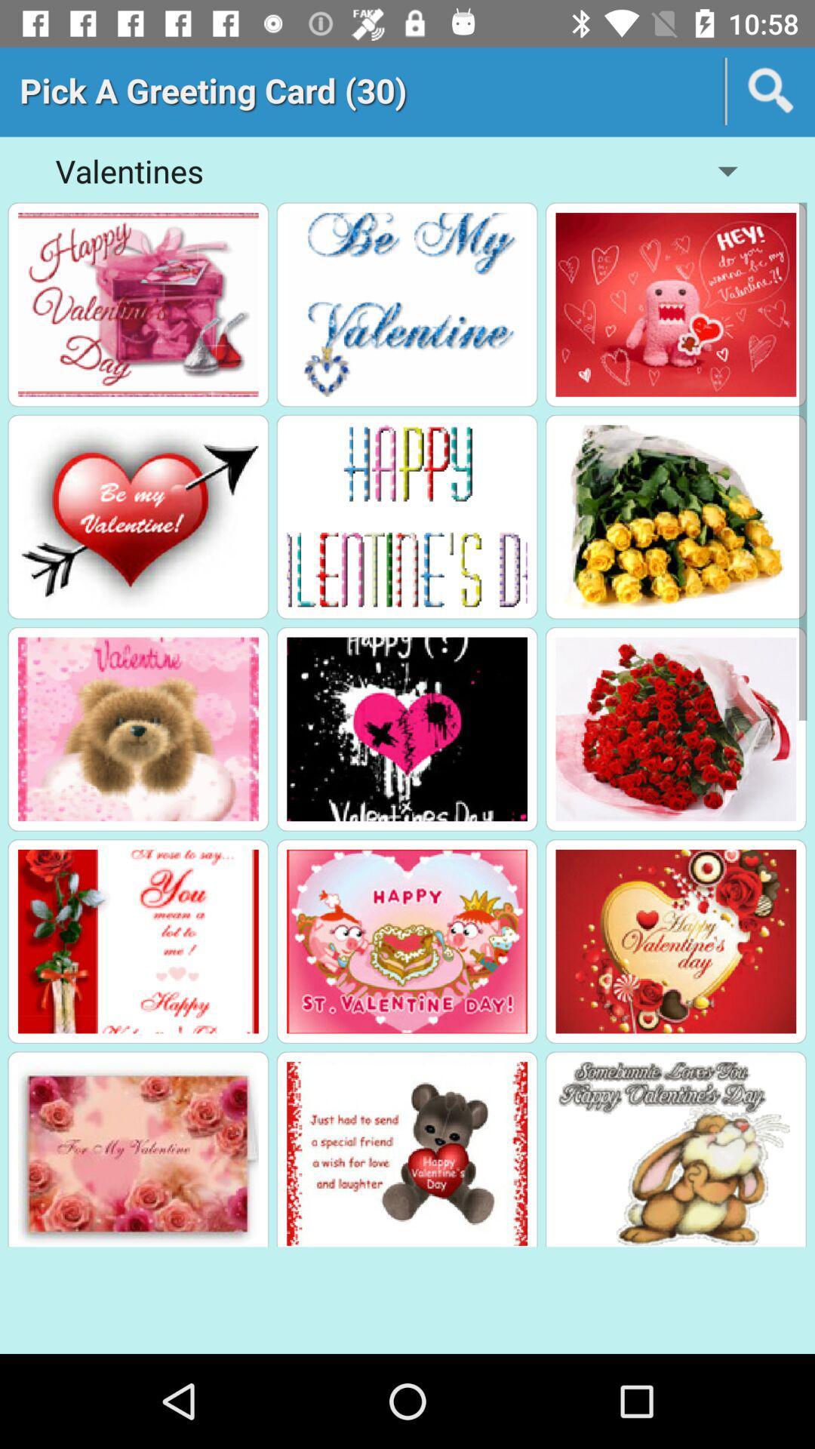 This screenshot has height=1449, width=815. Describe the element at coordinates (138, 303) in the screenshot. I see `happy valentine 's day` at that location.